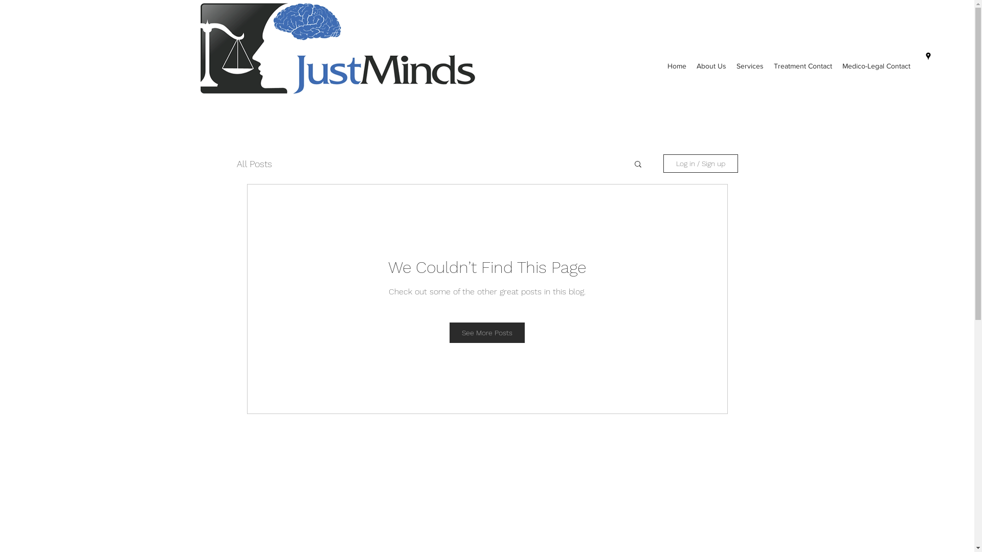 The height and width of the screenshot is (552, 982). What do you see at coordinates (235, 163) in the screenshot?
I see `'All Posts'` at bounding box center [235, 163].